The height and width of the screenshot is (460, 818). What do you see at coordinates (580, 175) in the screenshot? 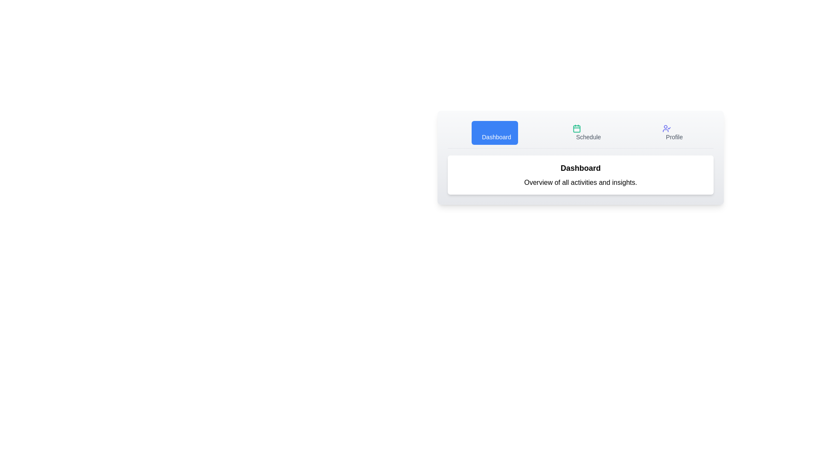
I see `the content area of the active tab to focus on its text` at bounding box center [580, 175].